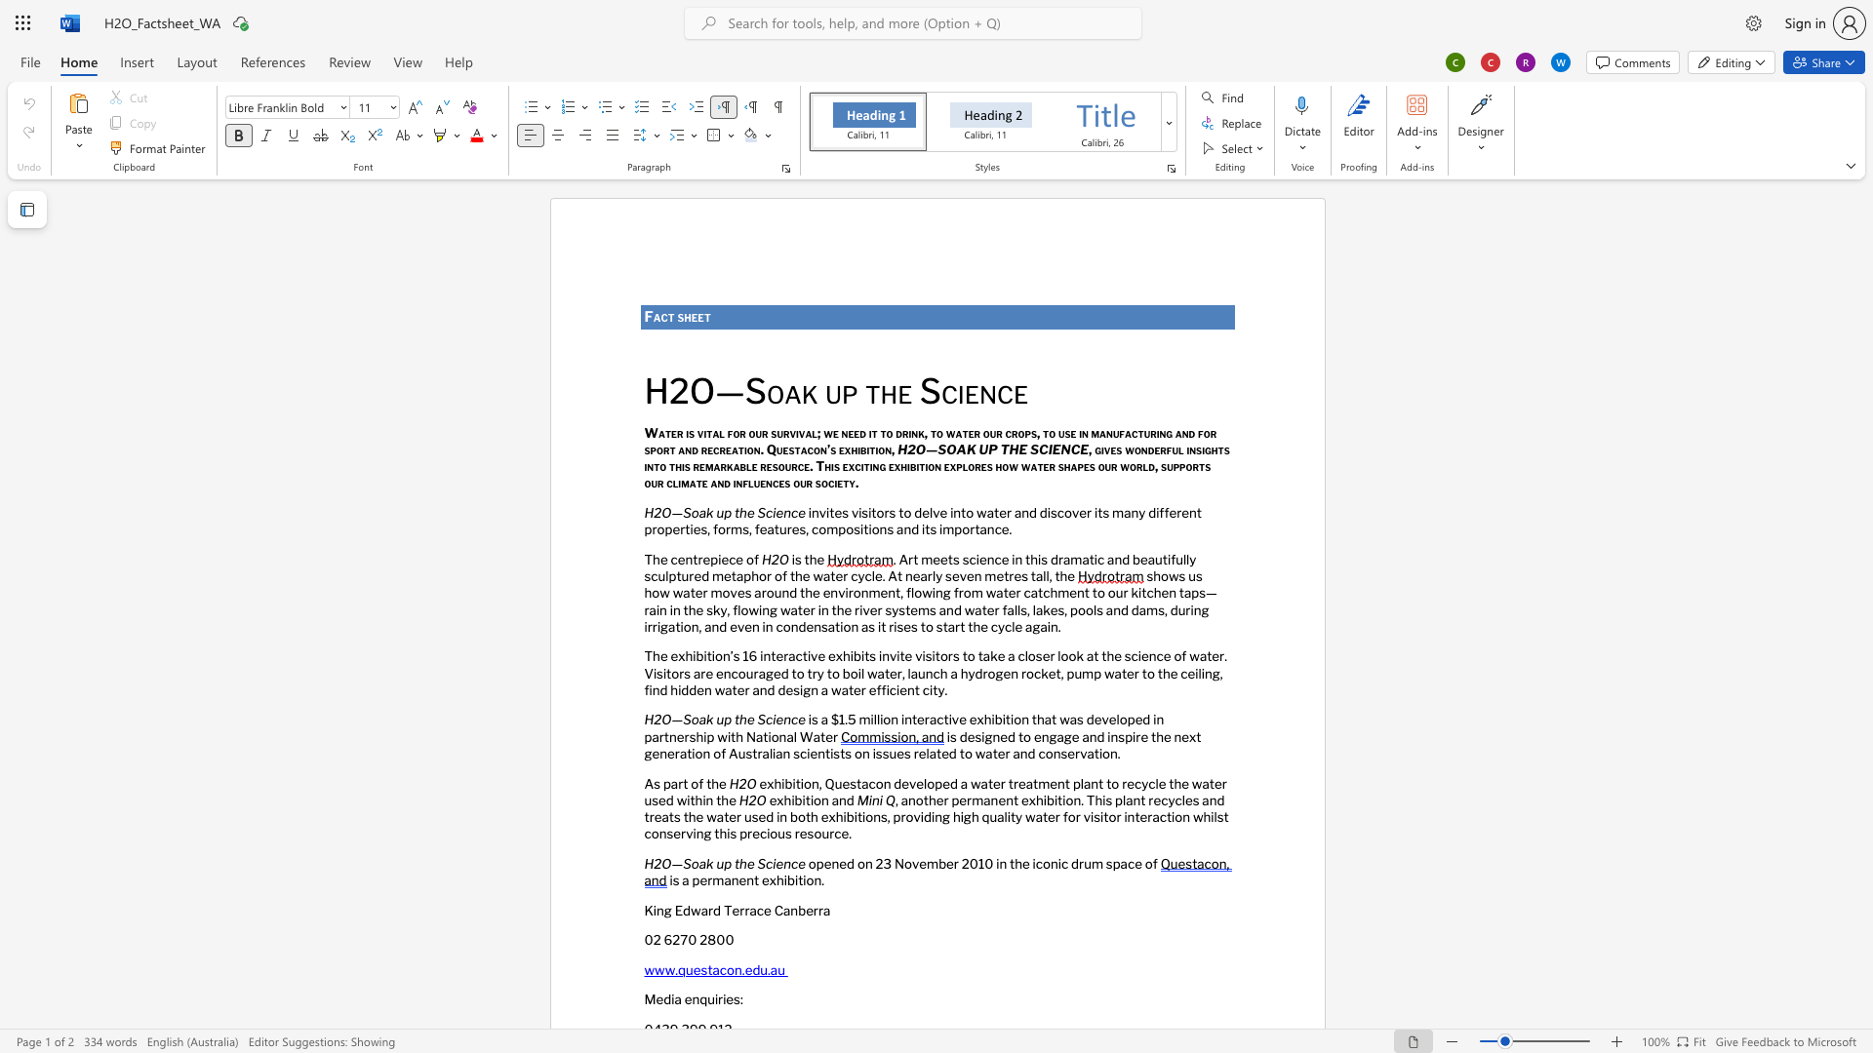  Describe the element at coordinates (734, 483) in the screenshot. I see `the 1th character "i" in the text` at that location.